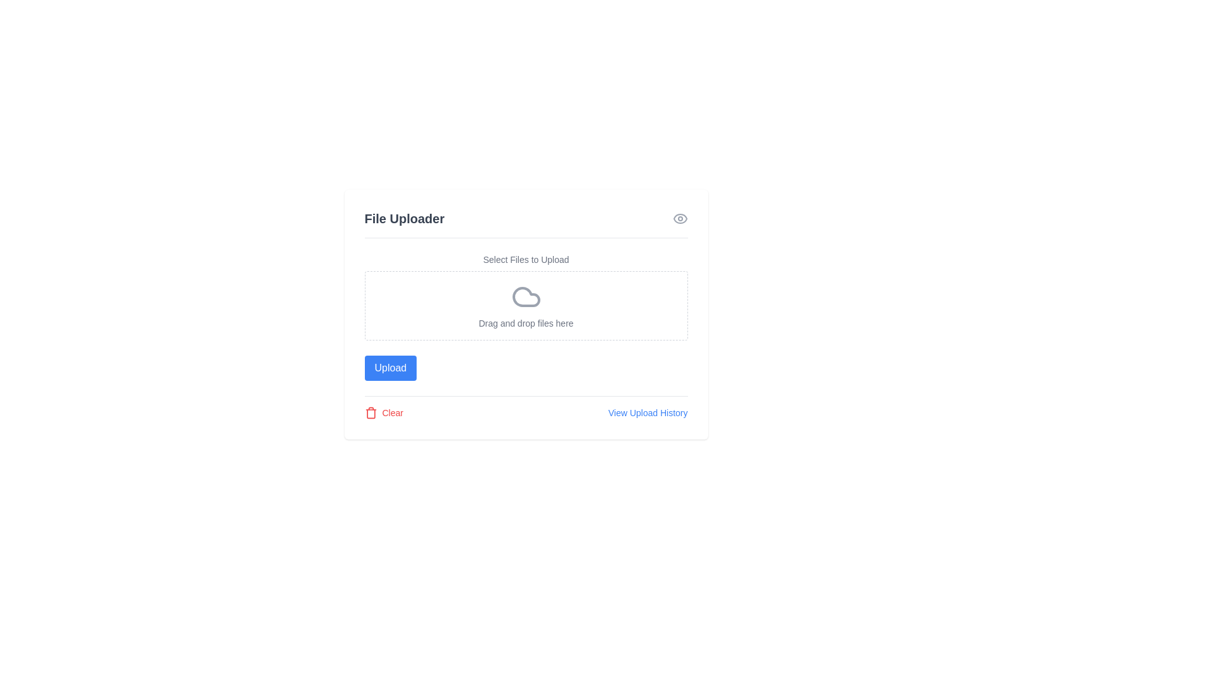 This screenshot has width=1212, height=681. I want to click on the file upload icon located in the center of the 'Drag and drop files here' section, which visually represents cloud storage functionality, so click(526, 296).